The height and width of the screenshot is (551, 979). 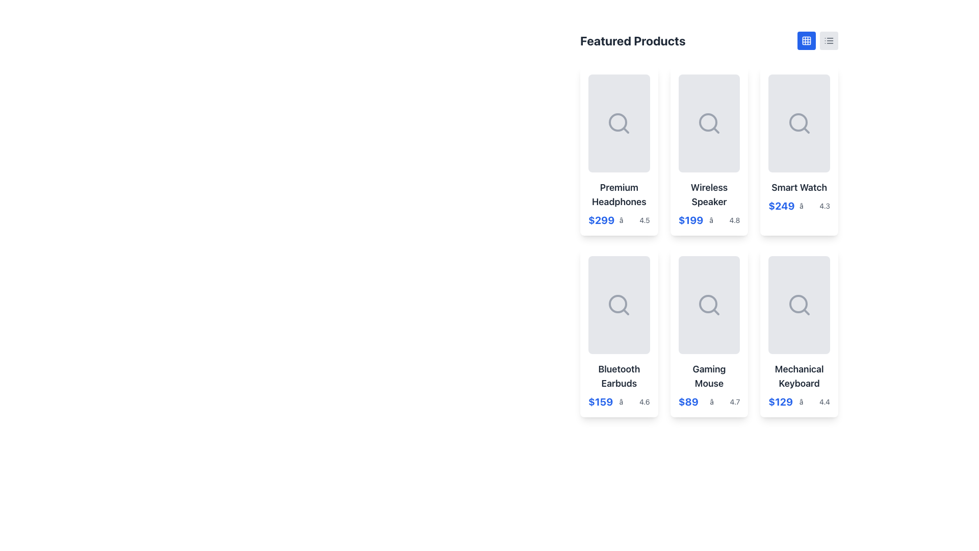 What do you see at coordinates (806, 311) in the screenshot?
I see `the search icon located in the bottom-right card of the grid layout, specifically in the sixth position under the 'Mechanical Keyboard' label` at bounding box center [806, 311].